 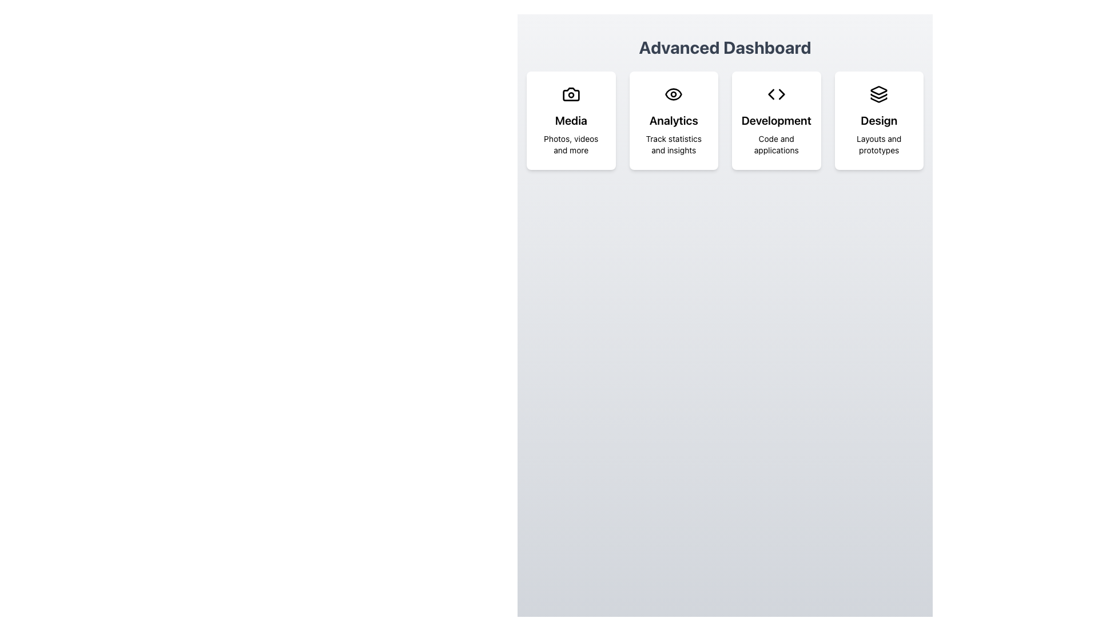 I want to click on the 'Analytics' card, which is the second card in a horizontal grid, to trigger a visual effect, so click(x=674, y=121).